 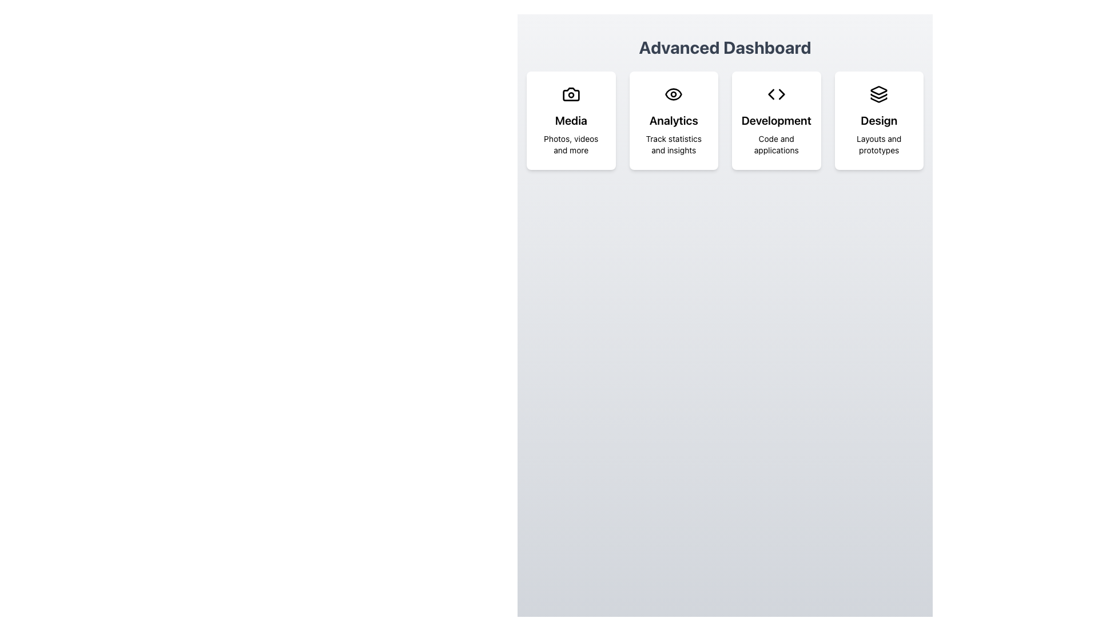 I want to click on the 'Analytics' card, which is the second card in a horizontal grid, to trigger a visual effect, so click(x=674, y=121).